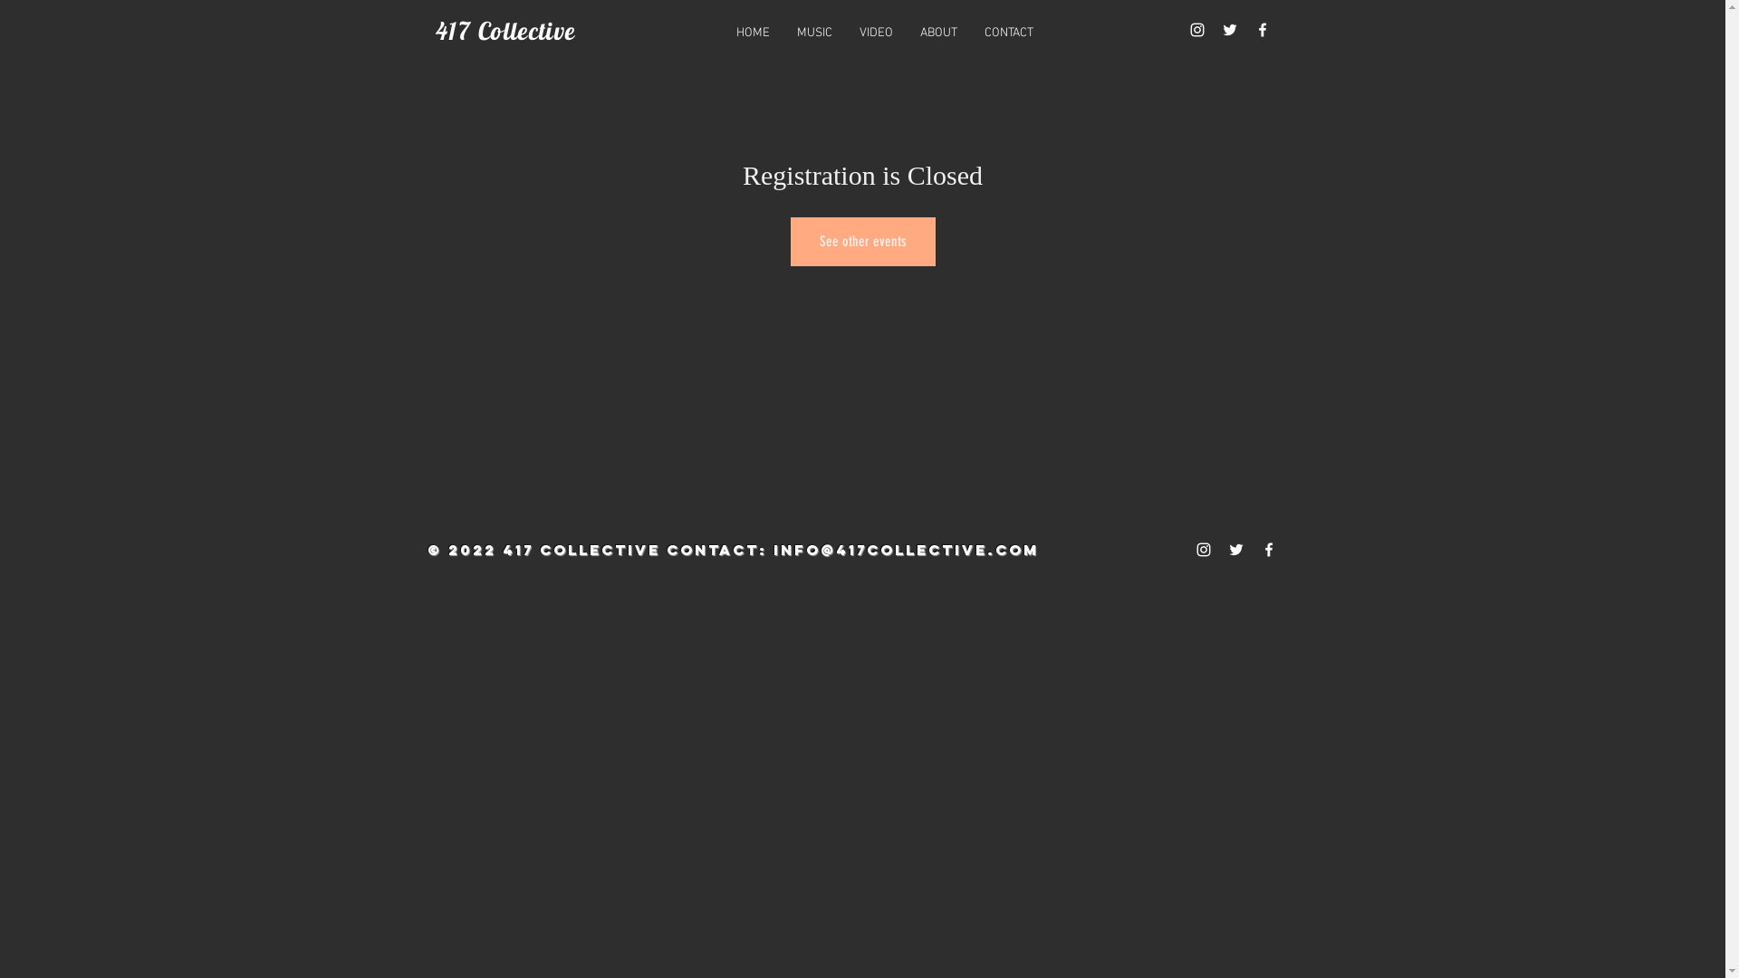 The width and height of the screenshot is (1739, 978). I want to click on '417 Collective', so click(504, 31).